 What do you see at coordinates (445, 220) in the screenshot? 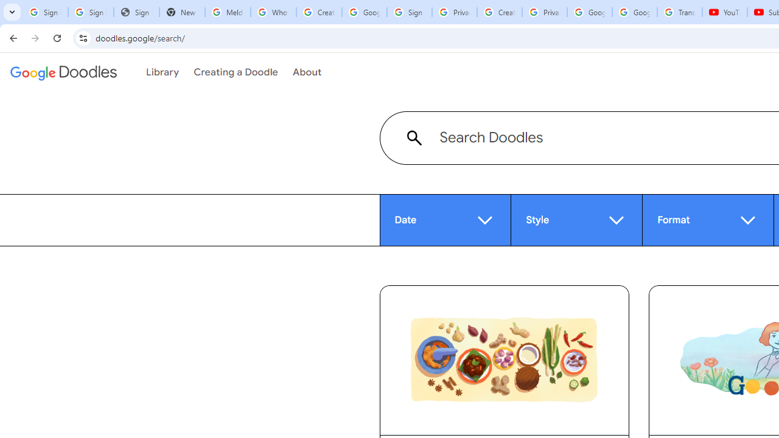
I see `'Date'` at bounding box center [445, 220].